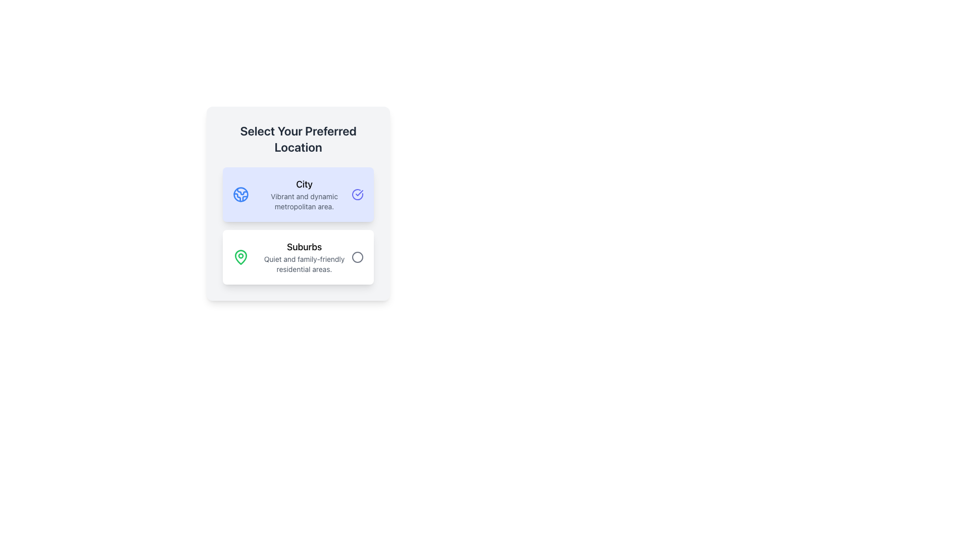 Image resolution: width=970 pixels, height=546 pixels. Describe the element at coordinates (359, 193) in the screenshot. I see `'circle check' icon element that signifies a confirmation or selection action for the associated 'City' option using developer tools` at that location.